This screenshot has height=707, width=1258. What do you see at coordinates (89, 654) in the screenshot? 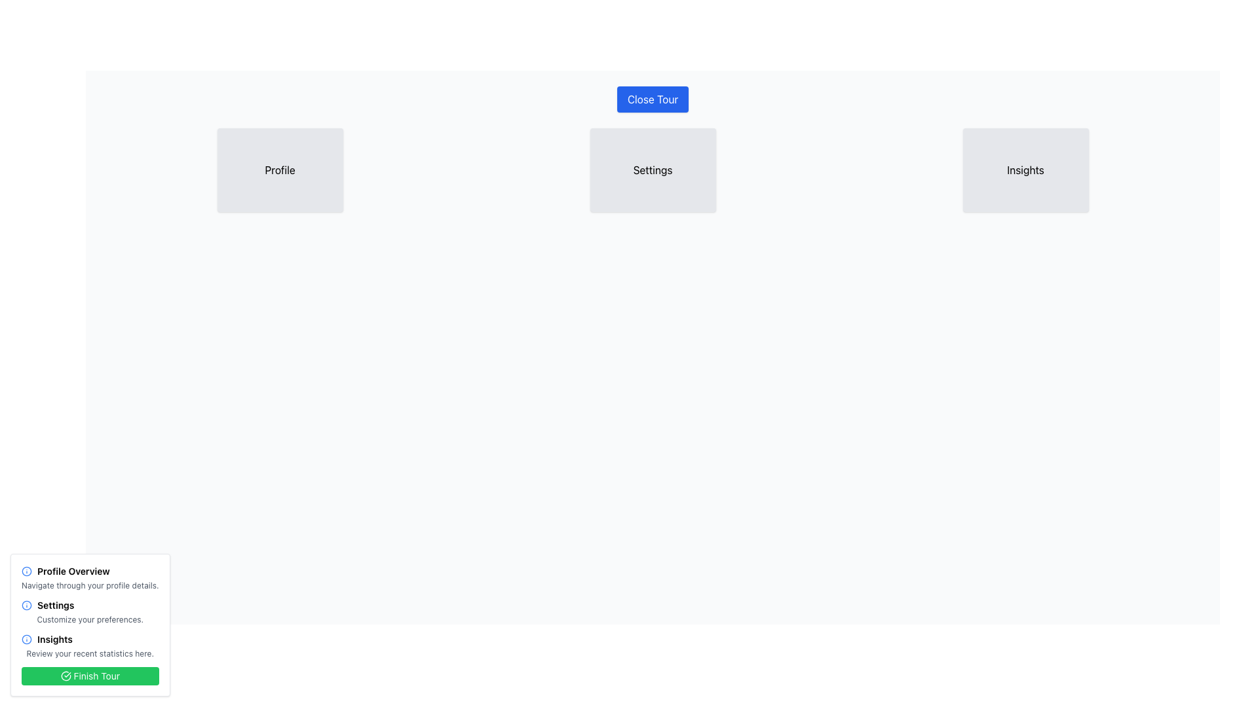
I see `displayed information from the text label that shows 'Review your recent statistics here.' located below the 'Insights' title in the instructional sidebar` at bounding box center [89, 654].